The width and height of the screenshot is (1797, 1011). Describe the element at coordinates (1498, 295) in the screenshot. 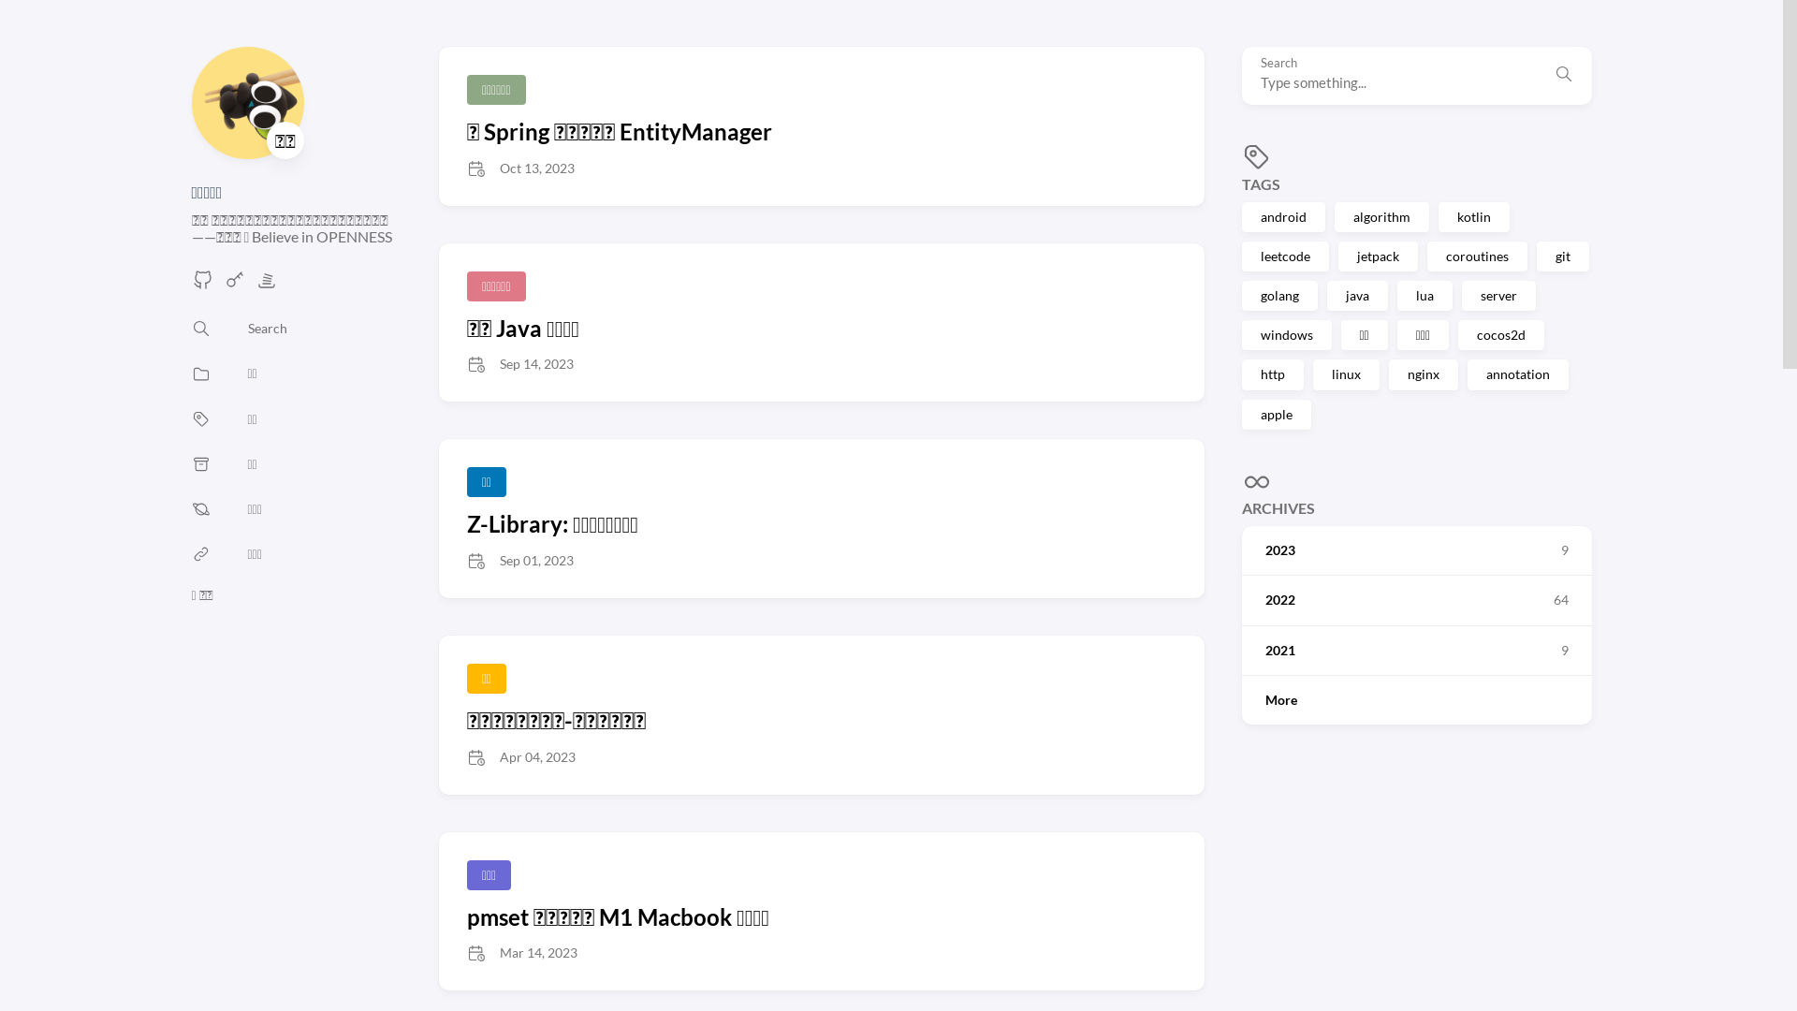

I see `'server'` at that location.